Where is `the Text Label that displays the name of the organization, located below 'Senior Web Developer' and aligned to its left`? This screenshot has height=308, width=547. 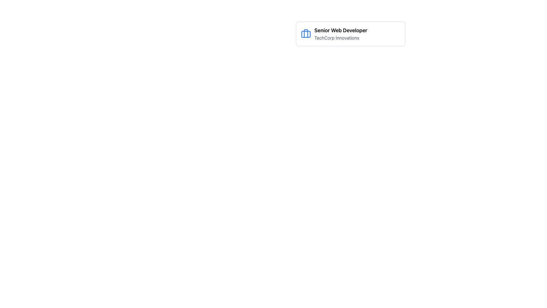
the Text Label that displays the name of the organization, located below 'Senior Web Developer' and aligned to its left is located at coordinates (341, 38).